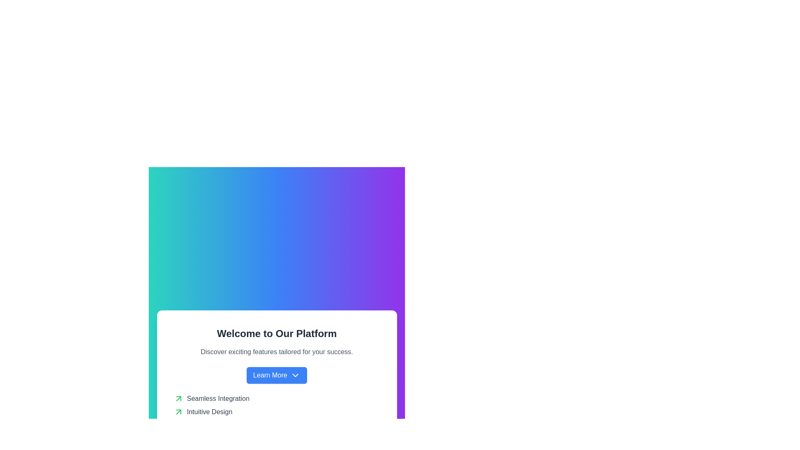  What do you see at coordinates (178, 411) in the screenshot?
I see `the green upward-right arrow icon located at the beginning of the 'Intuitive Design' row to initiate an action` at bounding box center [178, 411].